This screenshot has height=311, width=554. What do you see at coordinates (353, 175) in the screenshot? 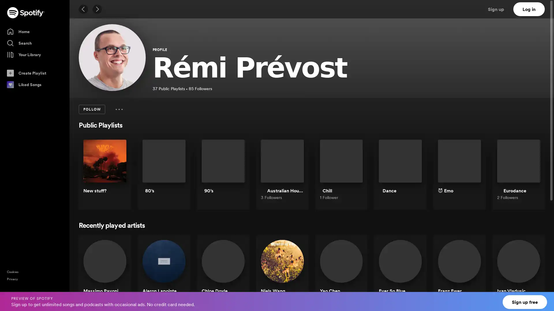
I see `Play Chill` at bounding box center [353, 175].